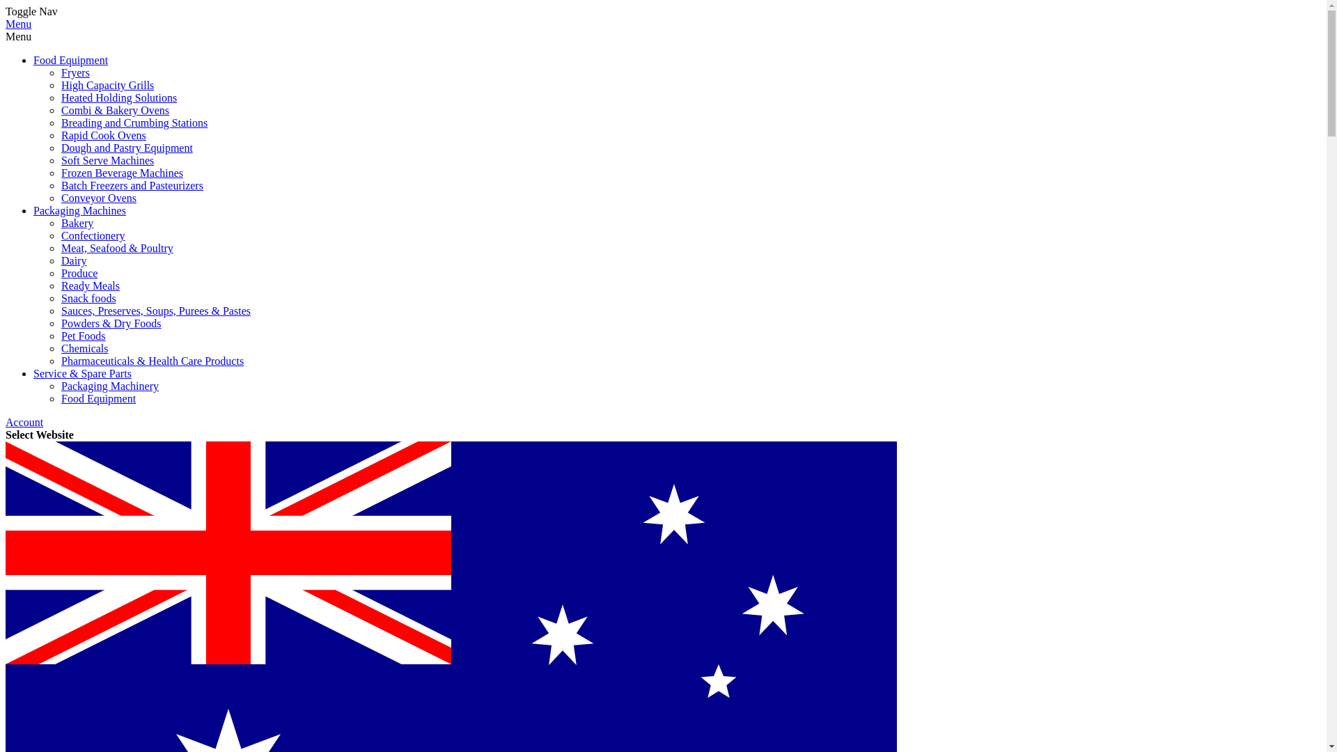  Describe the element at coordinates (60, 72) in the screenshot. I see `'Fryers'` at that location.